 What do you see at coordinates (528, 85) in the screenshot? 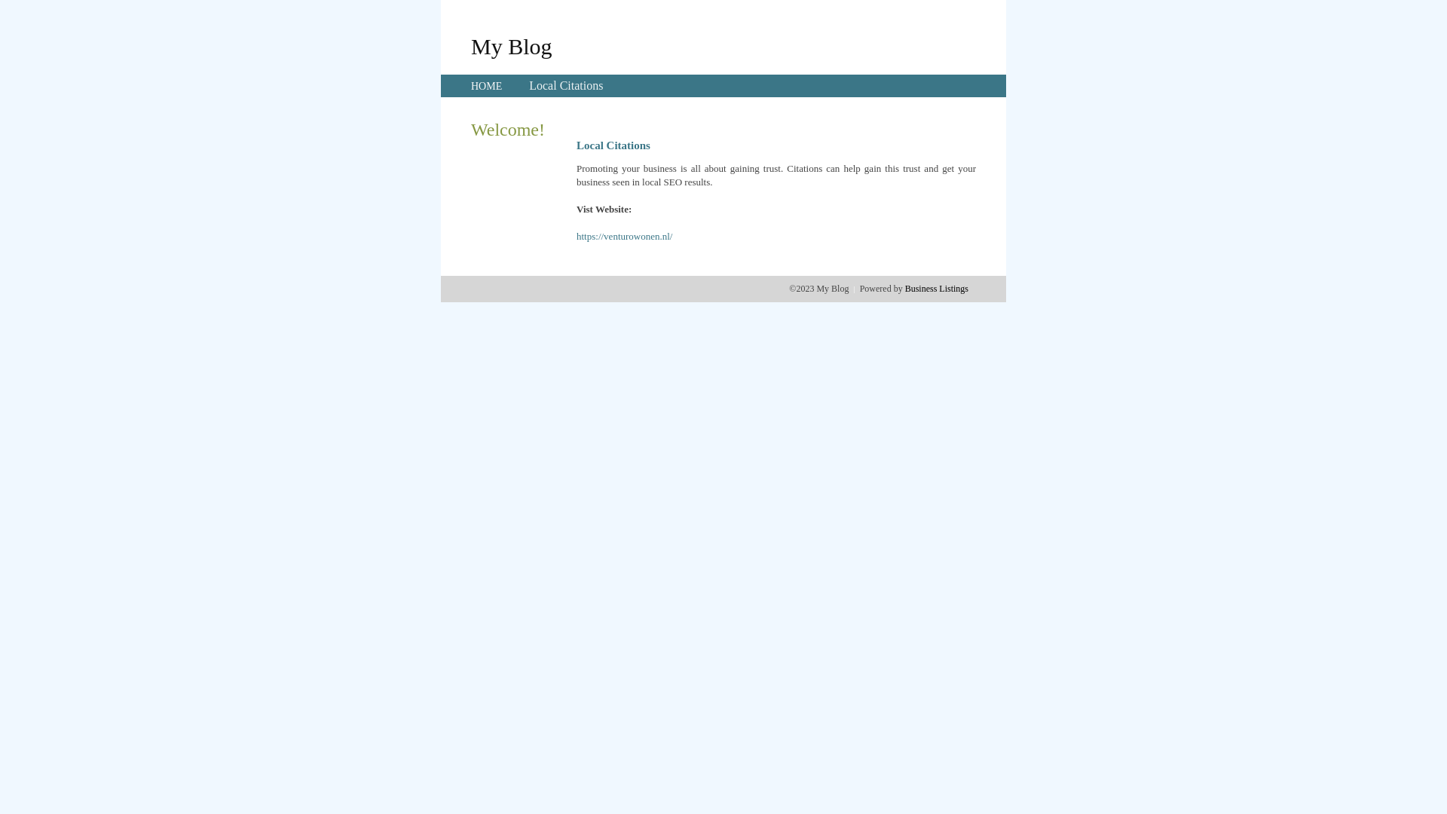
I see `'Local Citations'` at bounding box center [528, 85].